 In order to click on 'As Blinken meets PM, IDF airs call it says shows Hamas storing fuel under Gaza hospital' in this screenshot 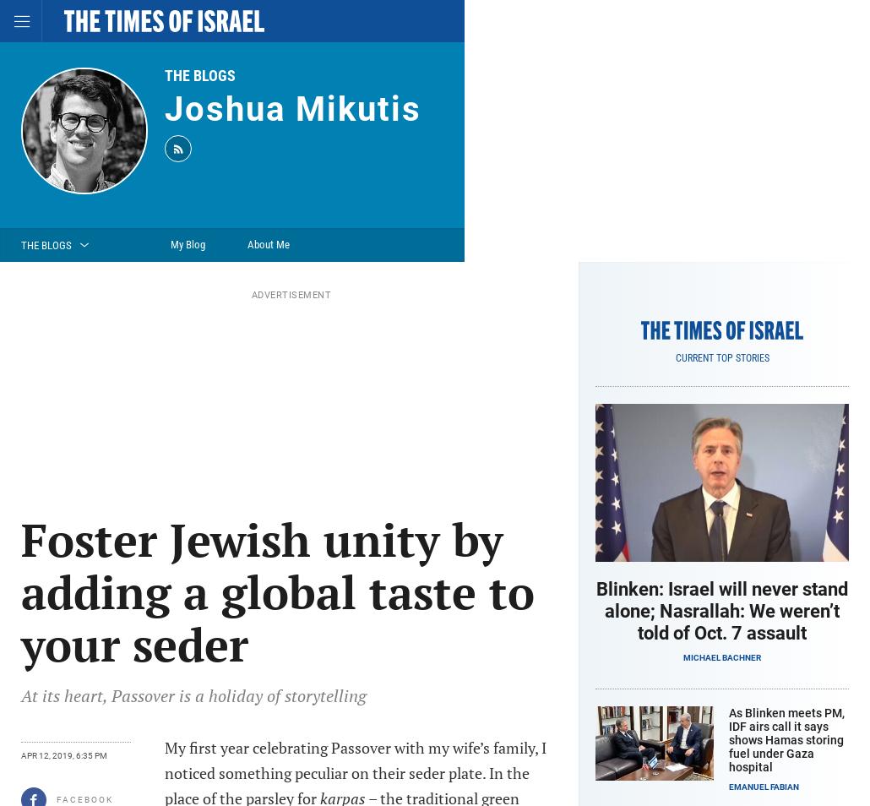, I will do `click(786, 739)`.